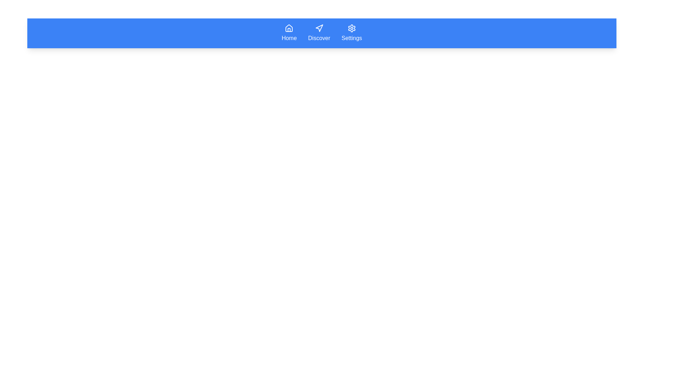 The image size is (681, 383). Describe the element at coordinates (319, 28) in the screenshot. I see `the 'Discover' icon located in the center of the blue top navigation bar, positioned between the 'Home' and 'Settings' buttons` at that location.